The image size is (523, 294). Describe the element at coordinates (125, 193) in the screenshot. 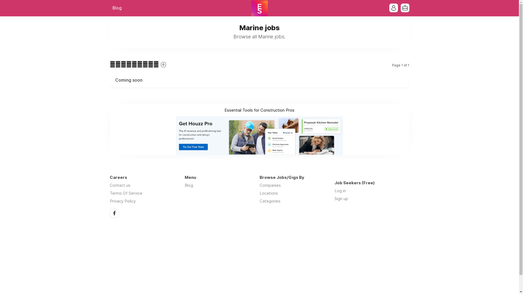

I see `'Terms Of Service'` at that location.